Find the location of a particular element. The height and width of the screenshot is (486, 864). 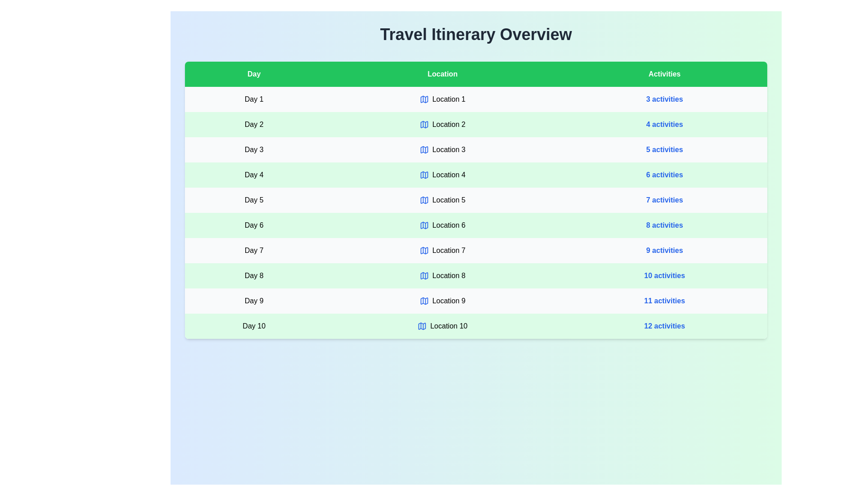

the header of the Activities column to sort the table is located at coordinates (664, 74).